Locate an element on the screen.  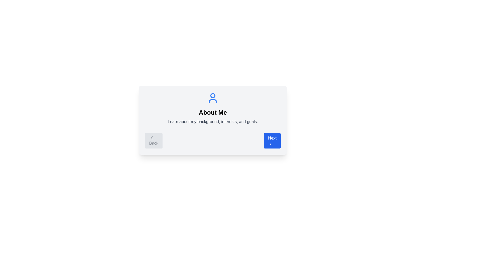
the 'Next' button located at the far right of the navigation bar to activate the hover effect, which lightens the button's blue background is located at coordinates (272, 141).